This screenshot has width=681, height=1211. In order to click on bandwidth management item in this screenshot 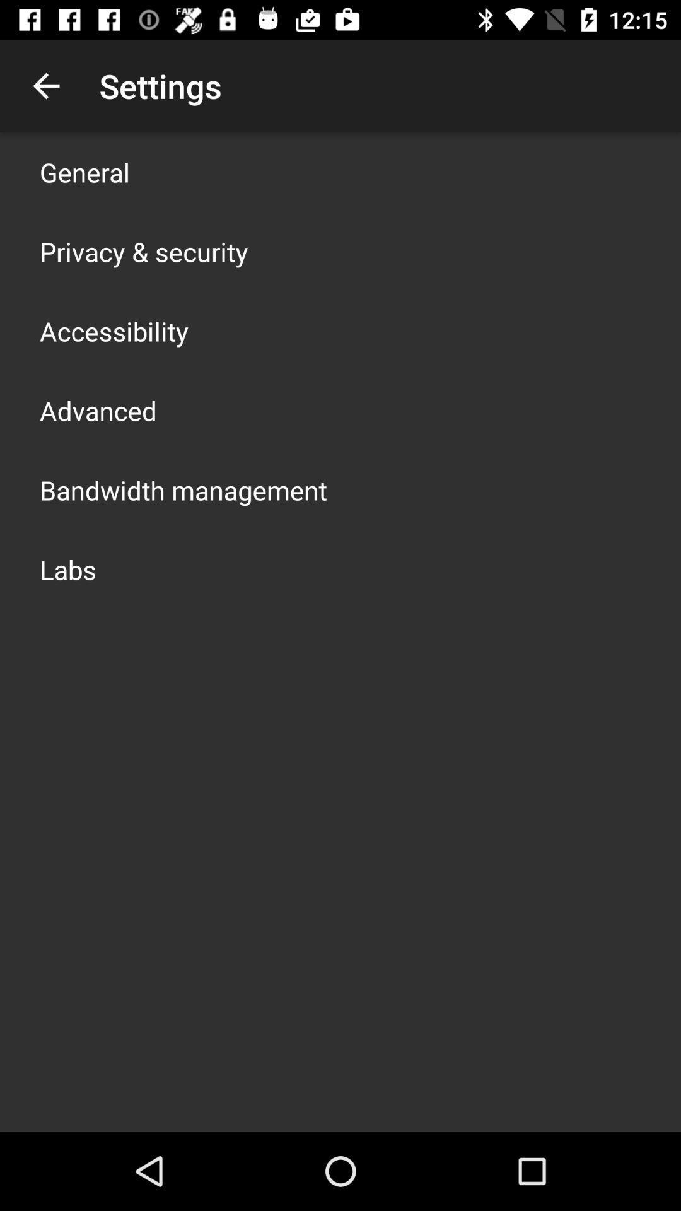, I will do `click(183, 489)`.